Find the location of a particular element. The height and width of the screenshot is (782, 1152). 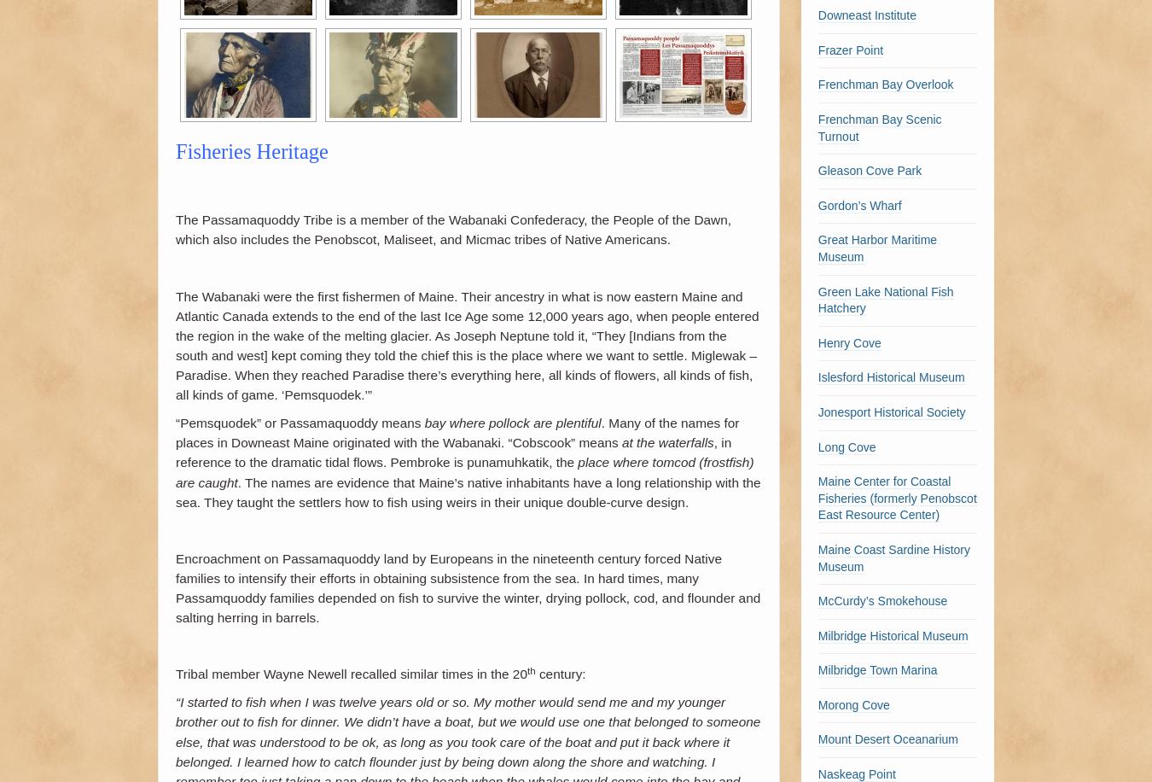

'Maine Coast Sardine History Museum' is located at coordinates (893, 557).